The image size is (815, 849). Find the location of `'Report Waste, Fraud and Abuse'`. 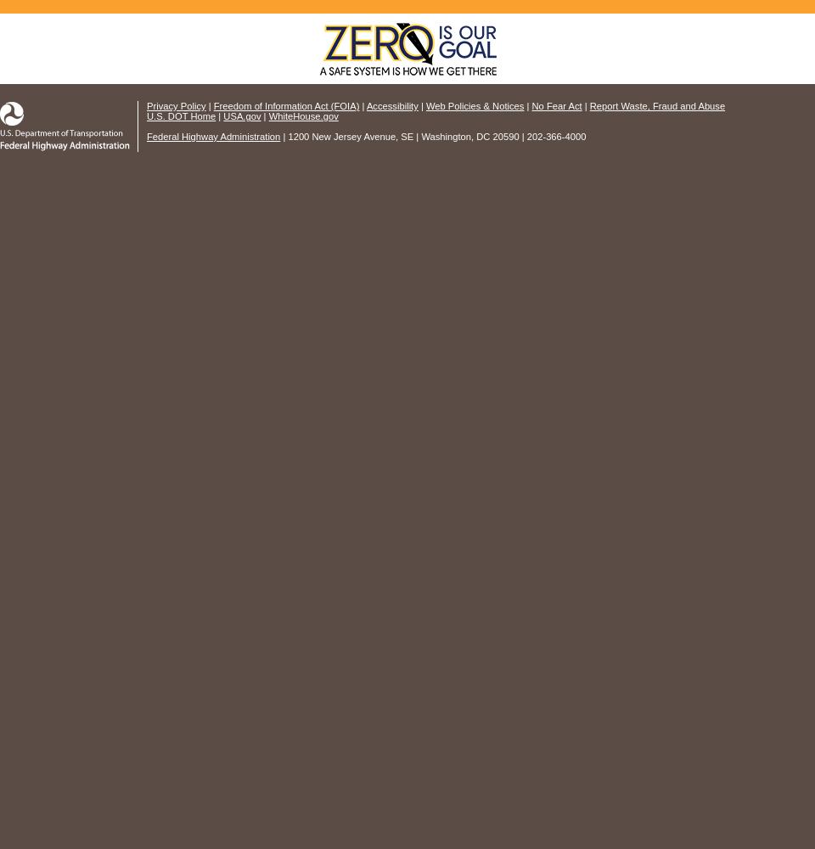

'Report Waste, Fraud and Abuse' is located at coordinates (655, 106).